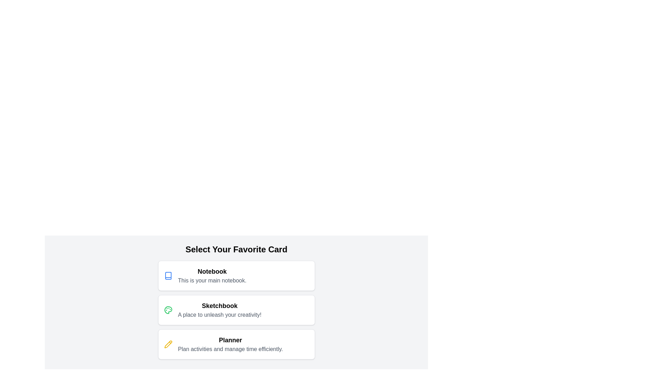 This screenshot has width=672, height=378. I want to click on displayed text from the Text Label that shows 'Sketchbook' in bold, black font and 'A place to unleash your creativity!' in smaller, gray font, located in the second card-like section of selectable options, so click(219, 310).